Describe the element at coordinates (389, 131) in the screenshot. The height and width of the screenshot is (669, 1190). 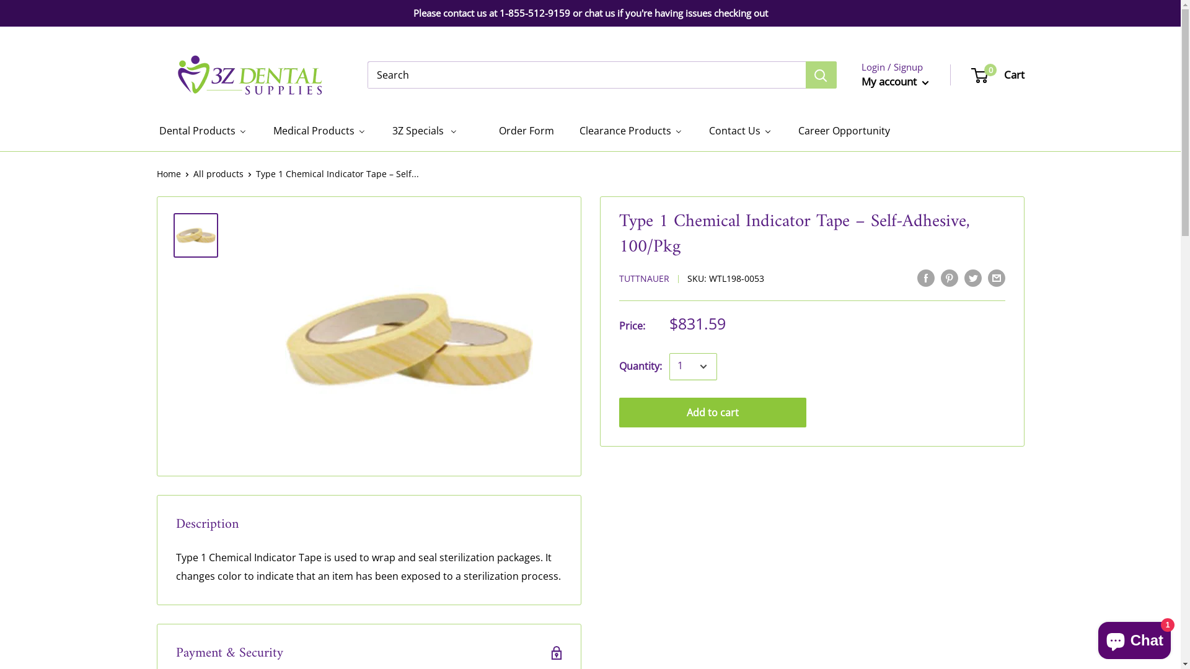
I see `'3Z Specials'` at that location.